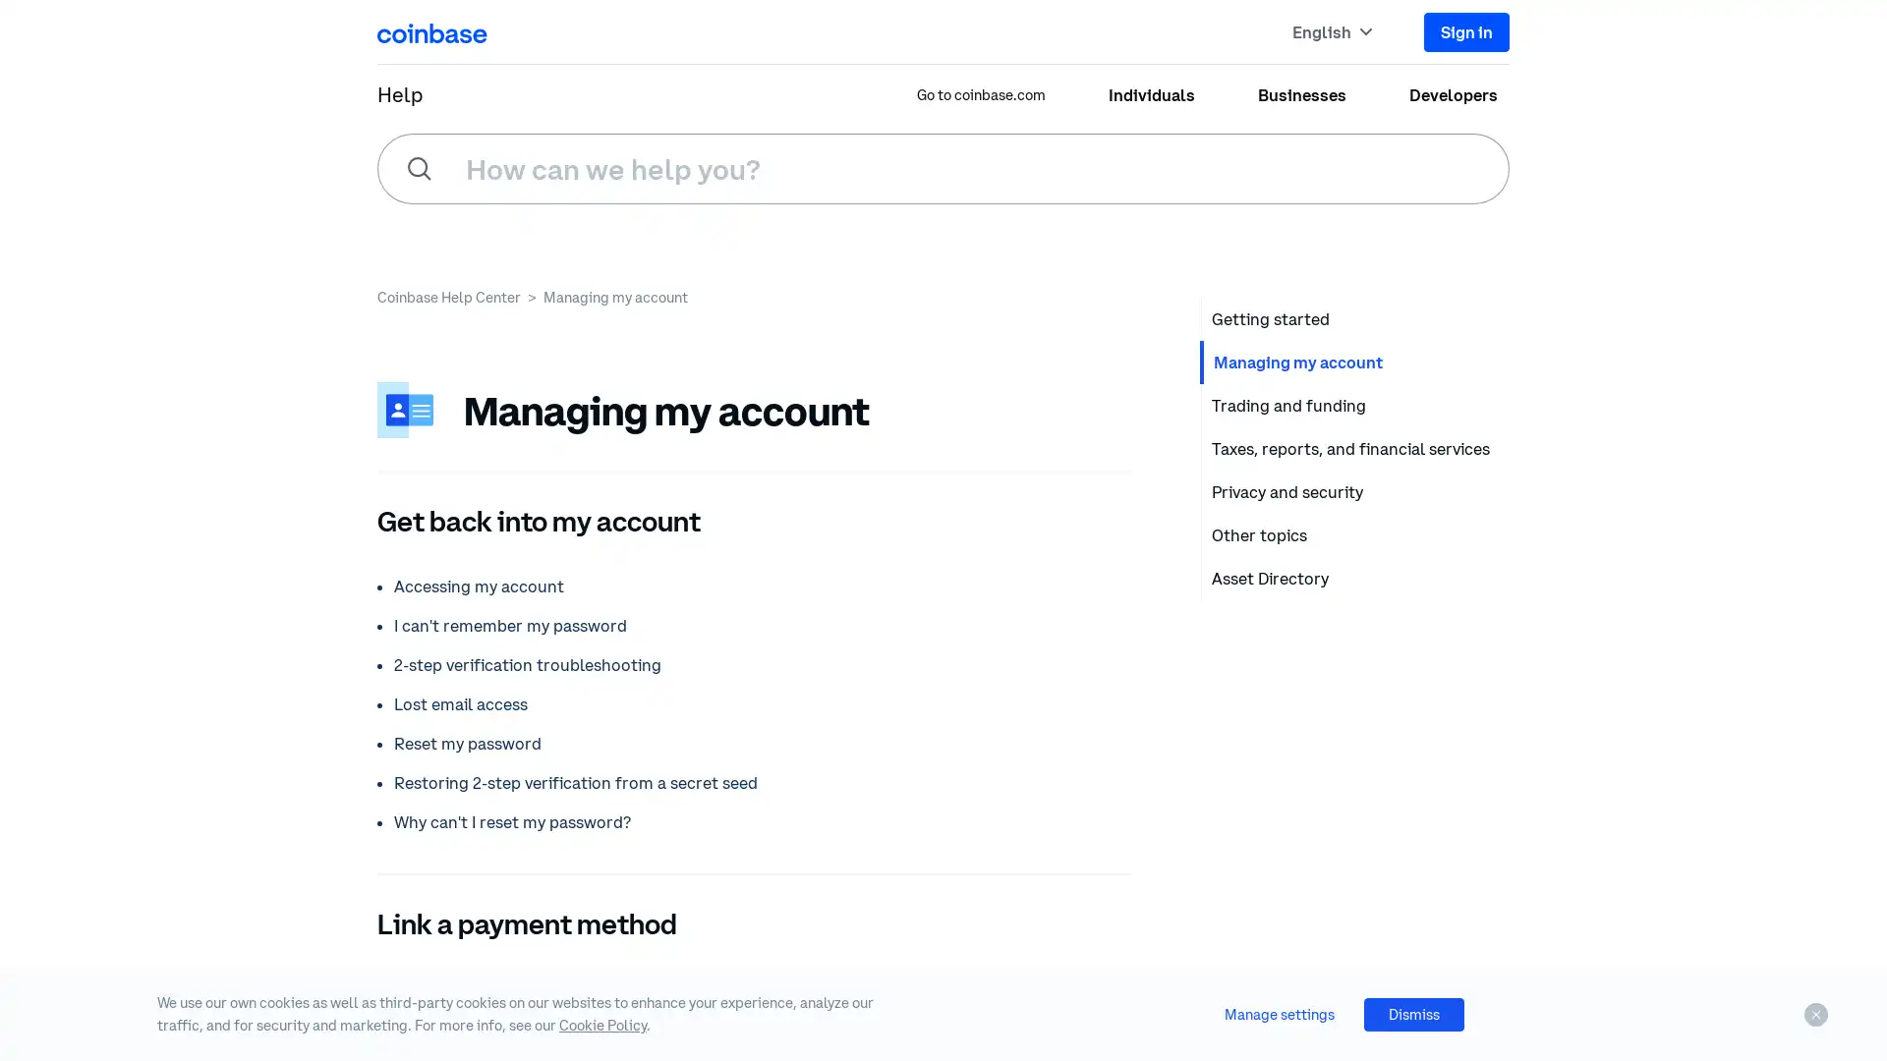  I want to click on Sign in, so click(1466, 30).